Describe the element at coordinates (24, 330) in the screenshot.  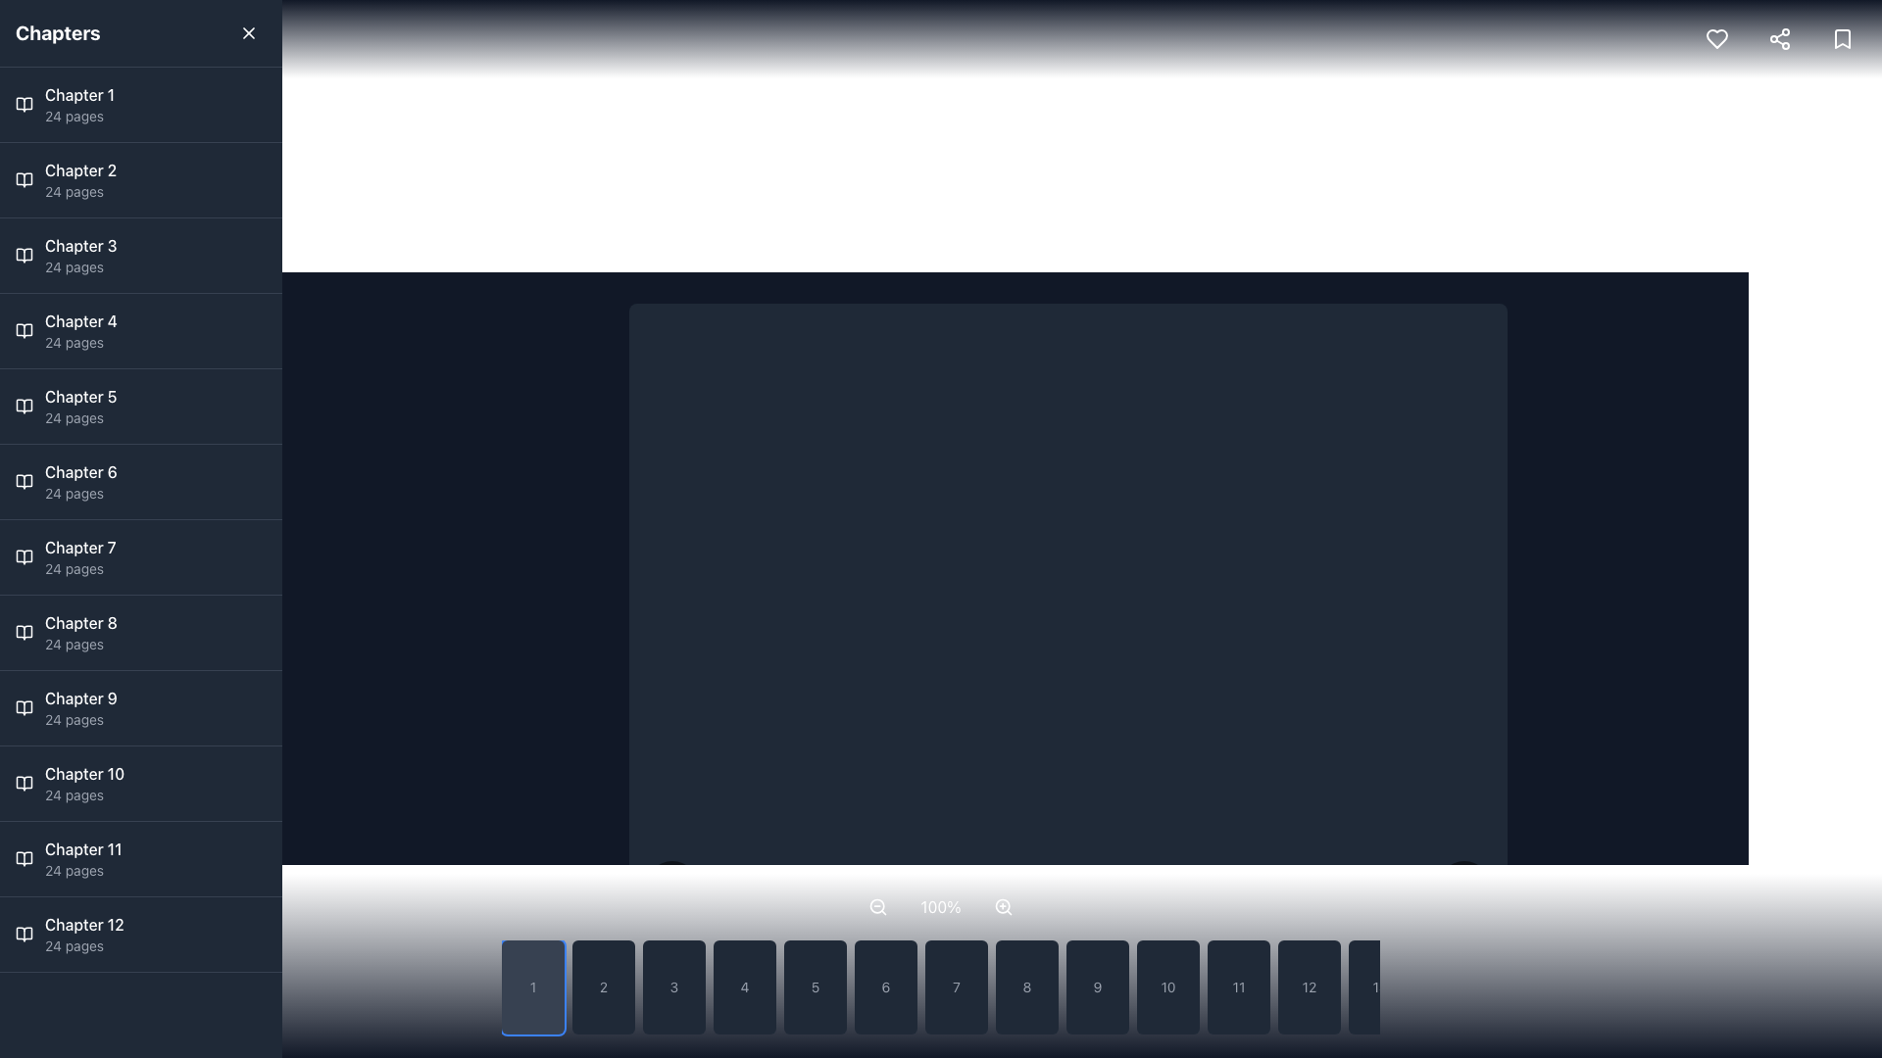
I see `the decorative SVG icon located next to the label 'Chapter 4' in the sidebar menu` at that location.